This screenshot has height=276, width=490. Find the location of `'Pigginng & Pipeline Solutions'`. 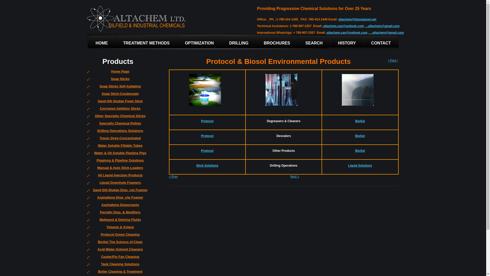

'Pigginng & Pipeline Solutions' is located at coordinates (118, 162).